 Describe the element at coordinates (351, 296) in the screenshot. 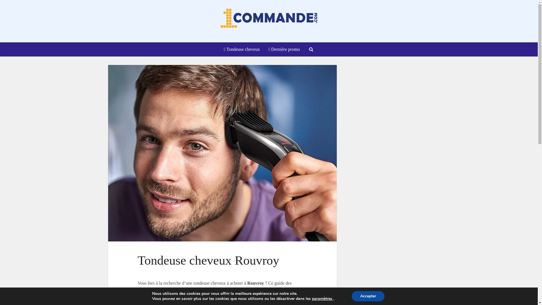

I see `'Accepter'` at that location.